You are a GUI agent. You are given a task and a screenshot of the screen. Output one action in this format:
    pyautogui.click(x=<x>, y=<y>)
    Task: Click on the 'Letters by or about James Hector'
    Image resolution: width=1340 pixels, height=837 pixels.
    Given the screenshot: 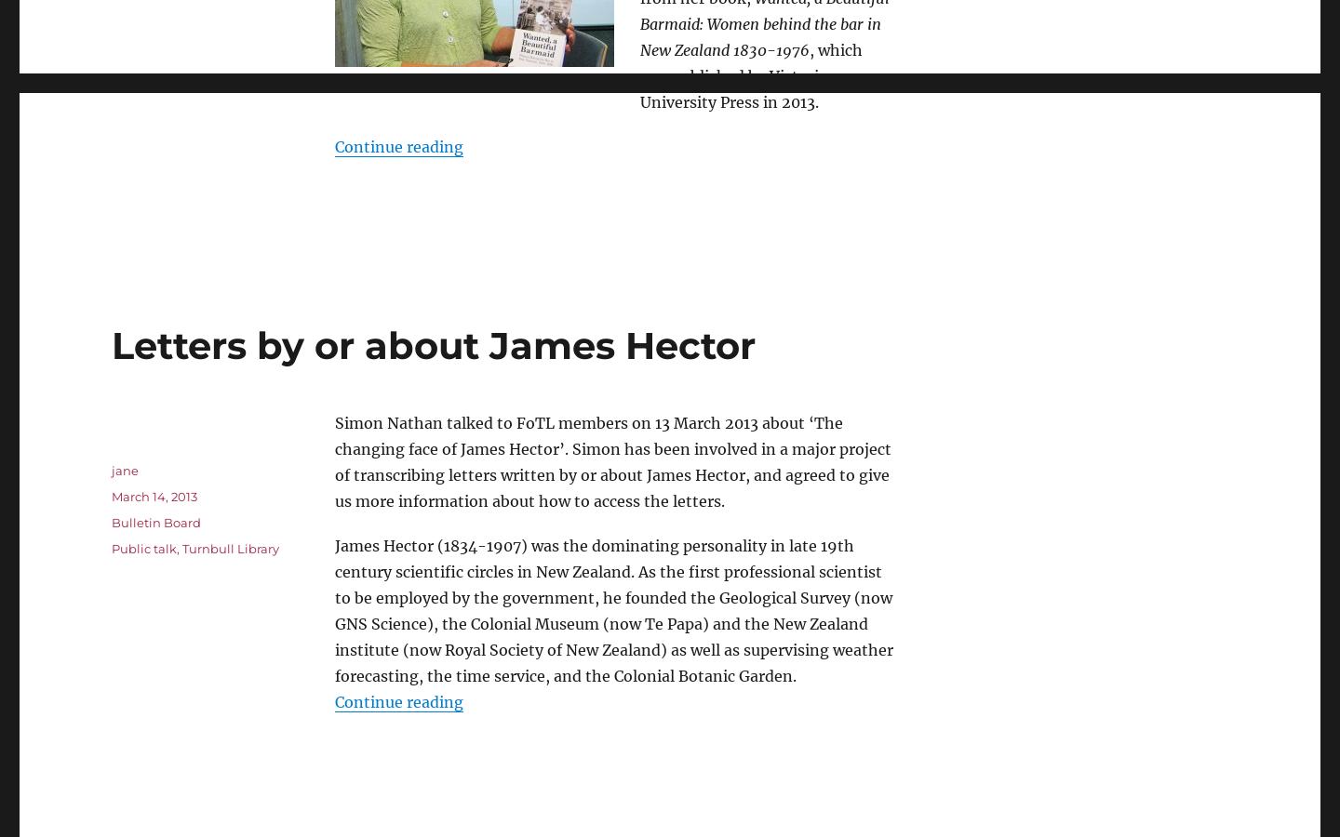 What is the action you would take?
    pyautogui.click(x=433, y=344)
    